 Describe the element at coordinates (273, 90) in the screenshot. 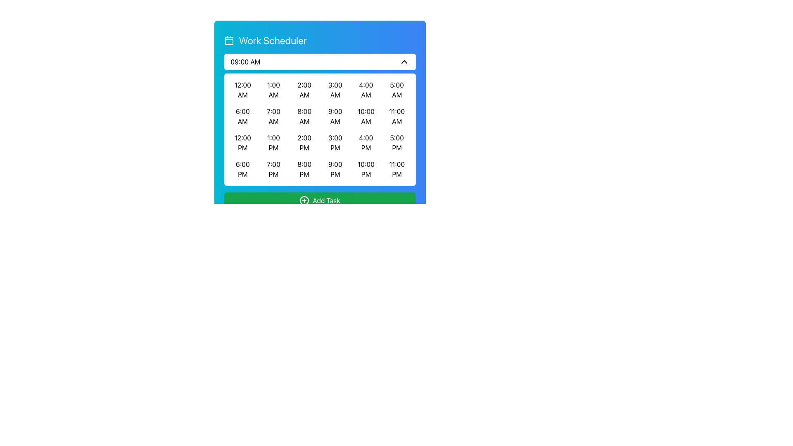

I see `the selectable time slot button for '1:00 AM' located in the second position of the first row in the schedule grid` at that location.